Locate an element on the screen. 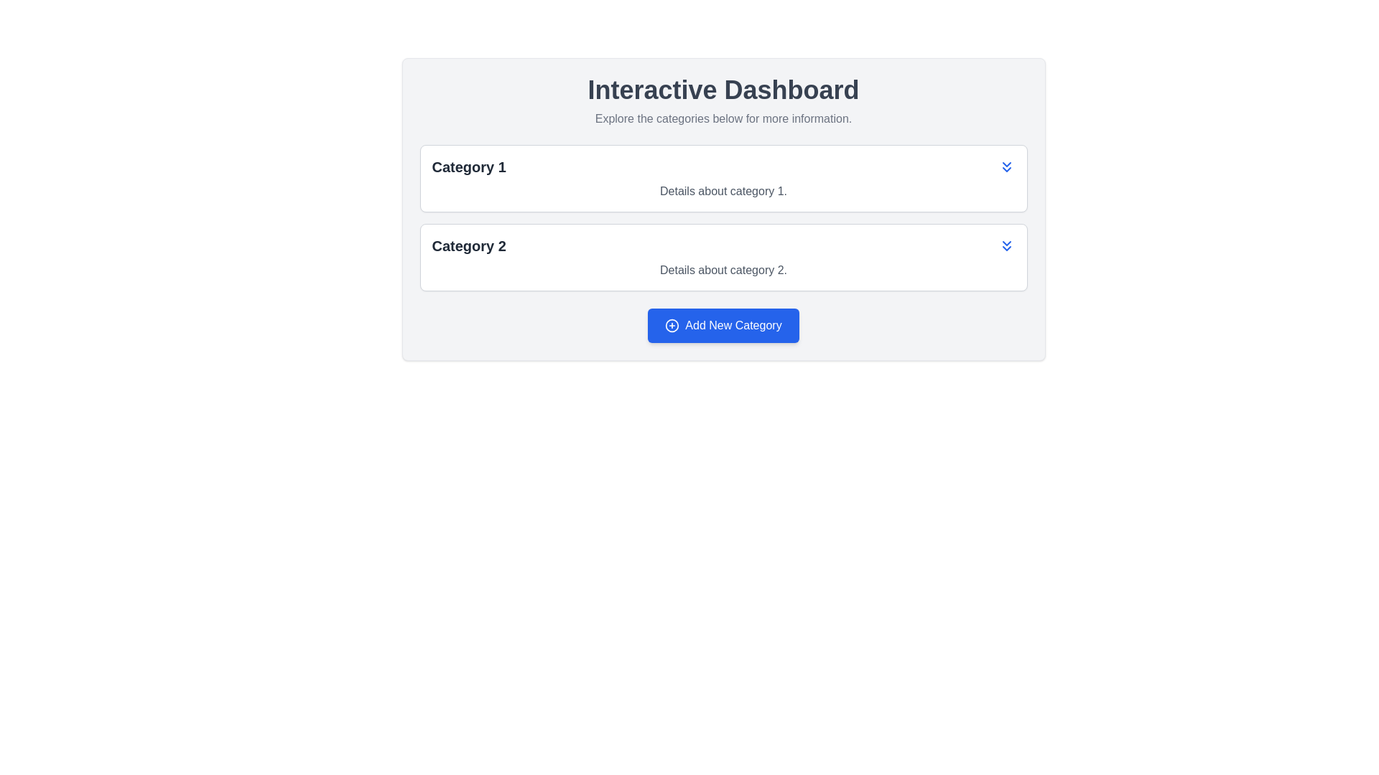  the title of 'Category 1' in the collapsible list is located at coordinates (723, 218).